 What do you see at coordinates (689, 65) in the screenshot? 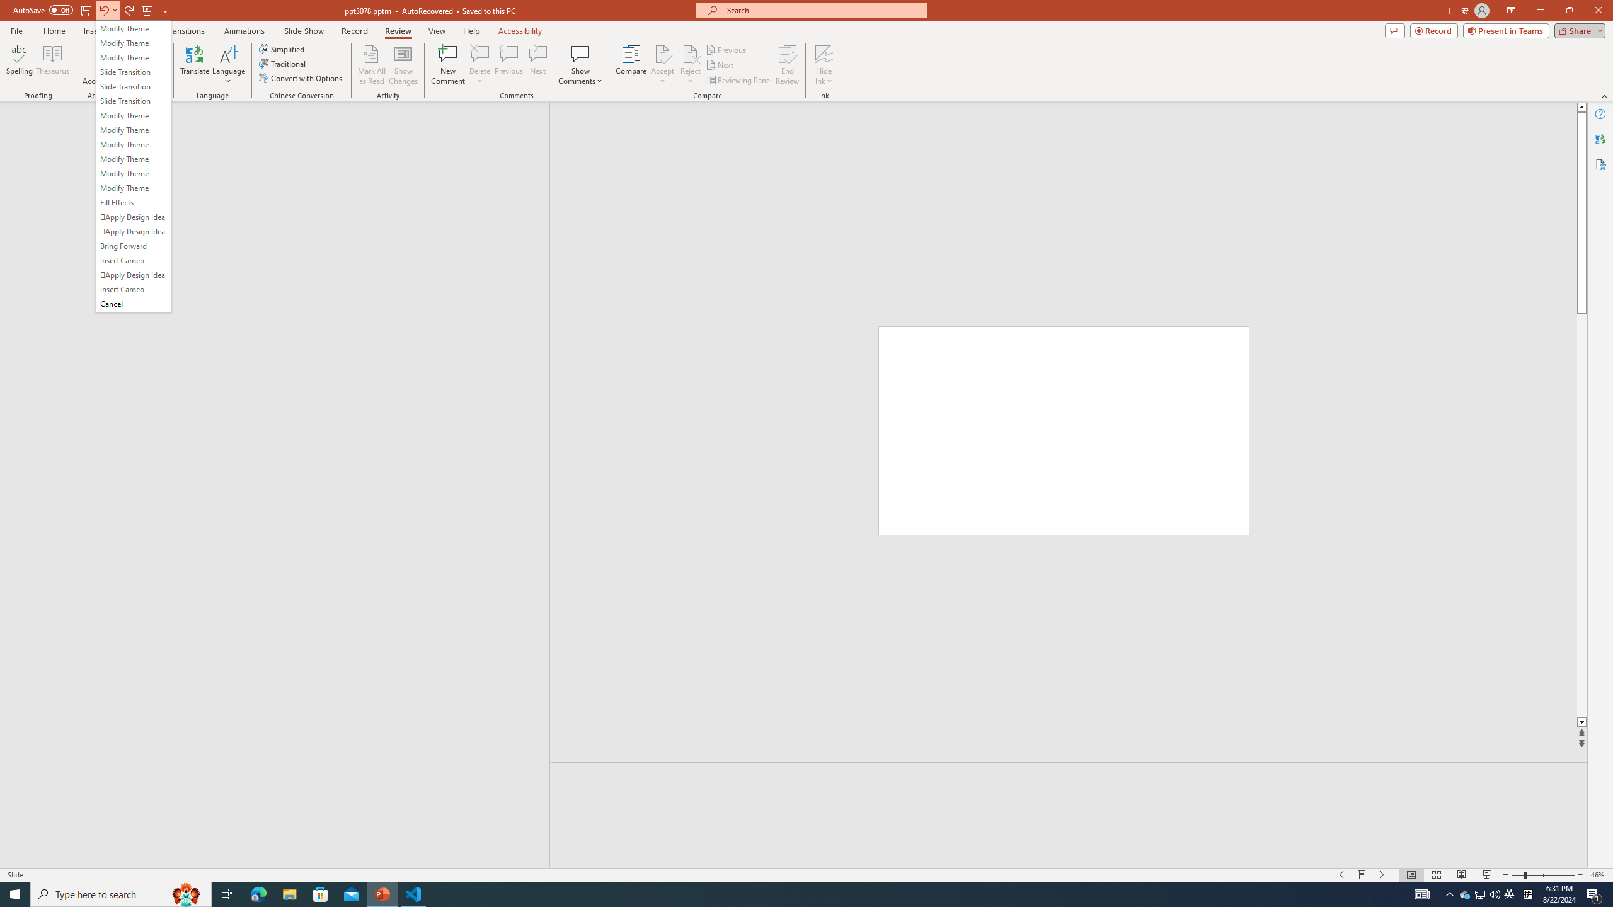
I see `'Reject'` at bounding box center [689, 65].